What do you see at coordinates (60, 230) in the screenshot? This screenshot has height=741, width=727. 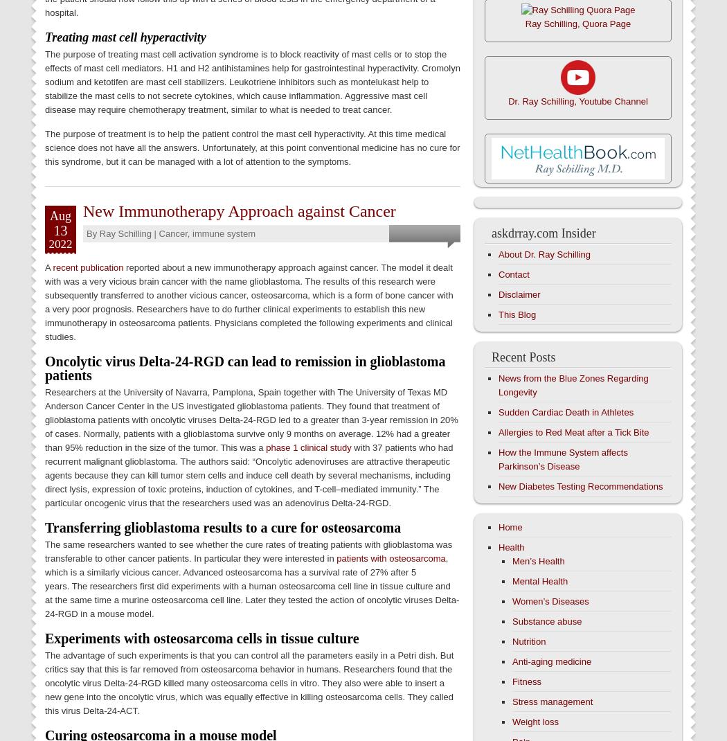 I see `'13'` at bounding box center [60, 230].